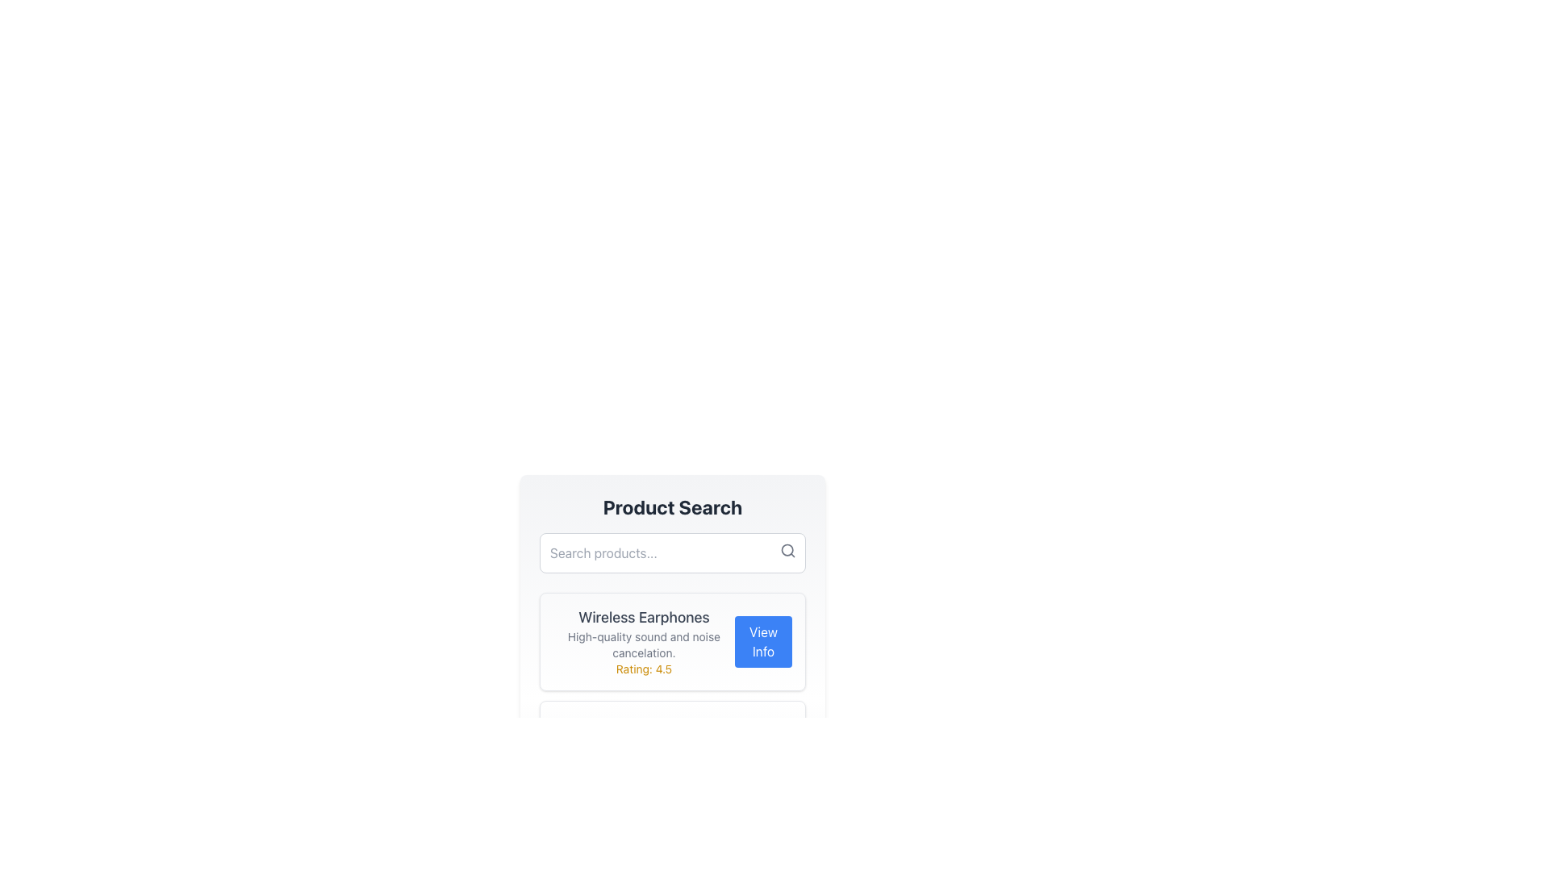 This screenshot has width=1549, height=871. What do you see at coordinates (787, 549) in the screenshot?
I see `the SVG circle that represents the search icon located at the right end of the search bar` at bounding box center [787, 549].